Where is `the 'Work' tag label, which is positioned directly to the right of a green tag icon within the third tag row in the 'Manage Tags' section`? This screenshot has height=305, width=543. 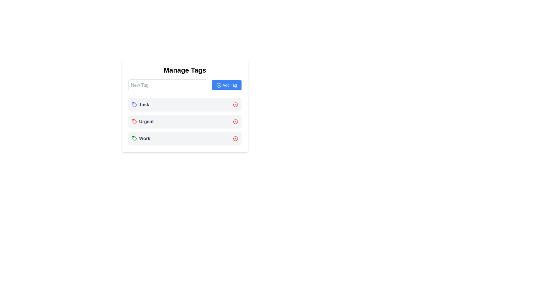 the 'Work' tag label, which is positioned directly to the right of a green tag icon within the third tag row in the 'Manage Tags' section is located at coordinates (145, 138).